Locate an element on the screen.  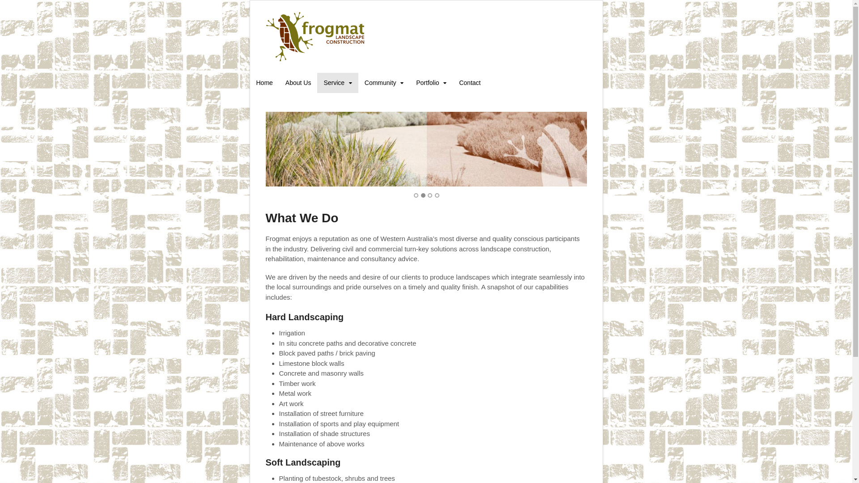
'Service' is located at coordinates (337, 83).